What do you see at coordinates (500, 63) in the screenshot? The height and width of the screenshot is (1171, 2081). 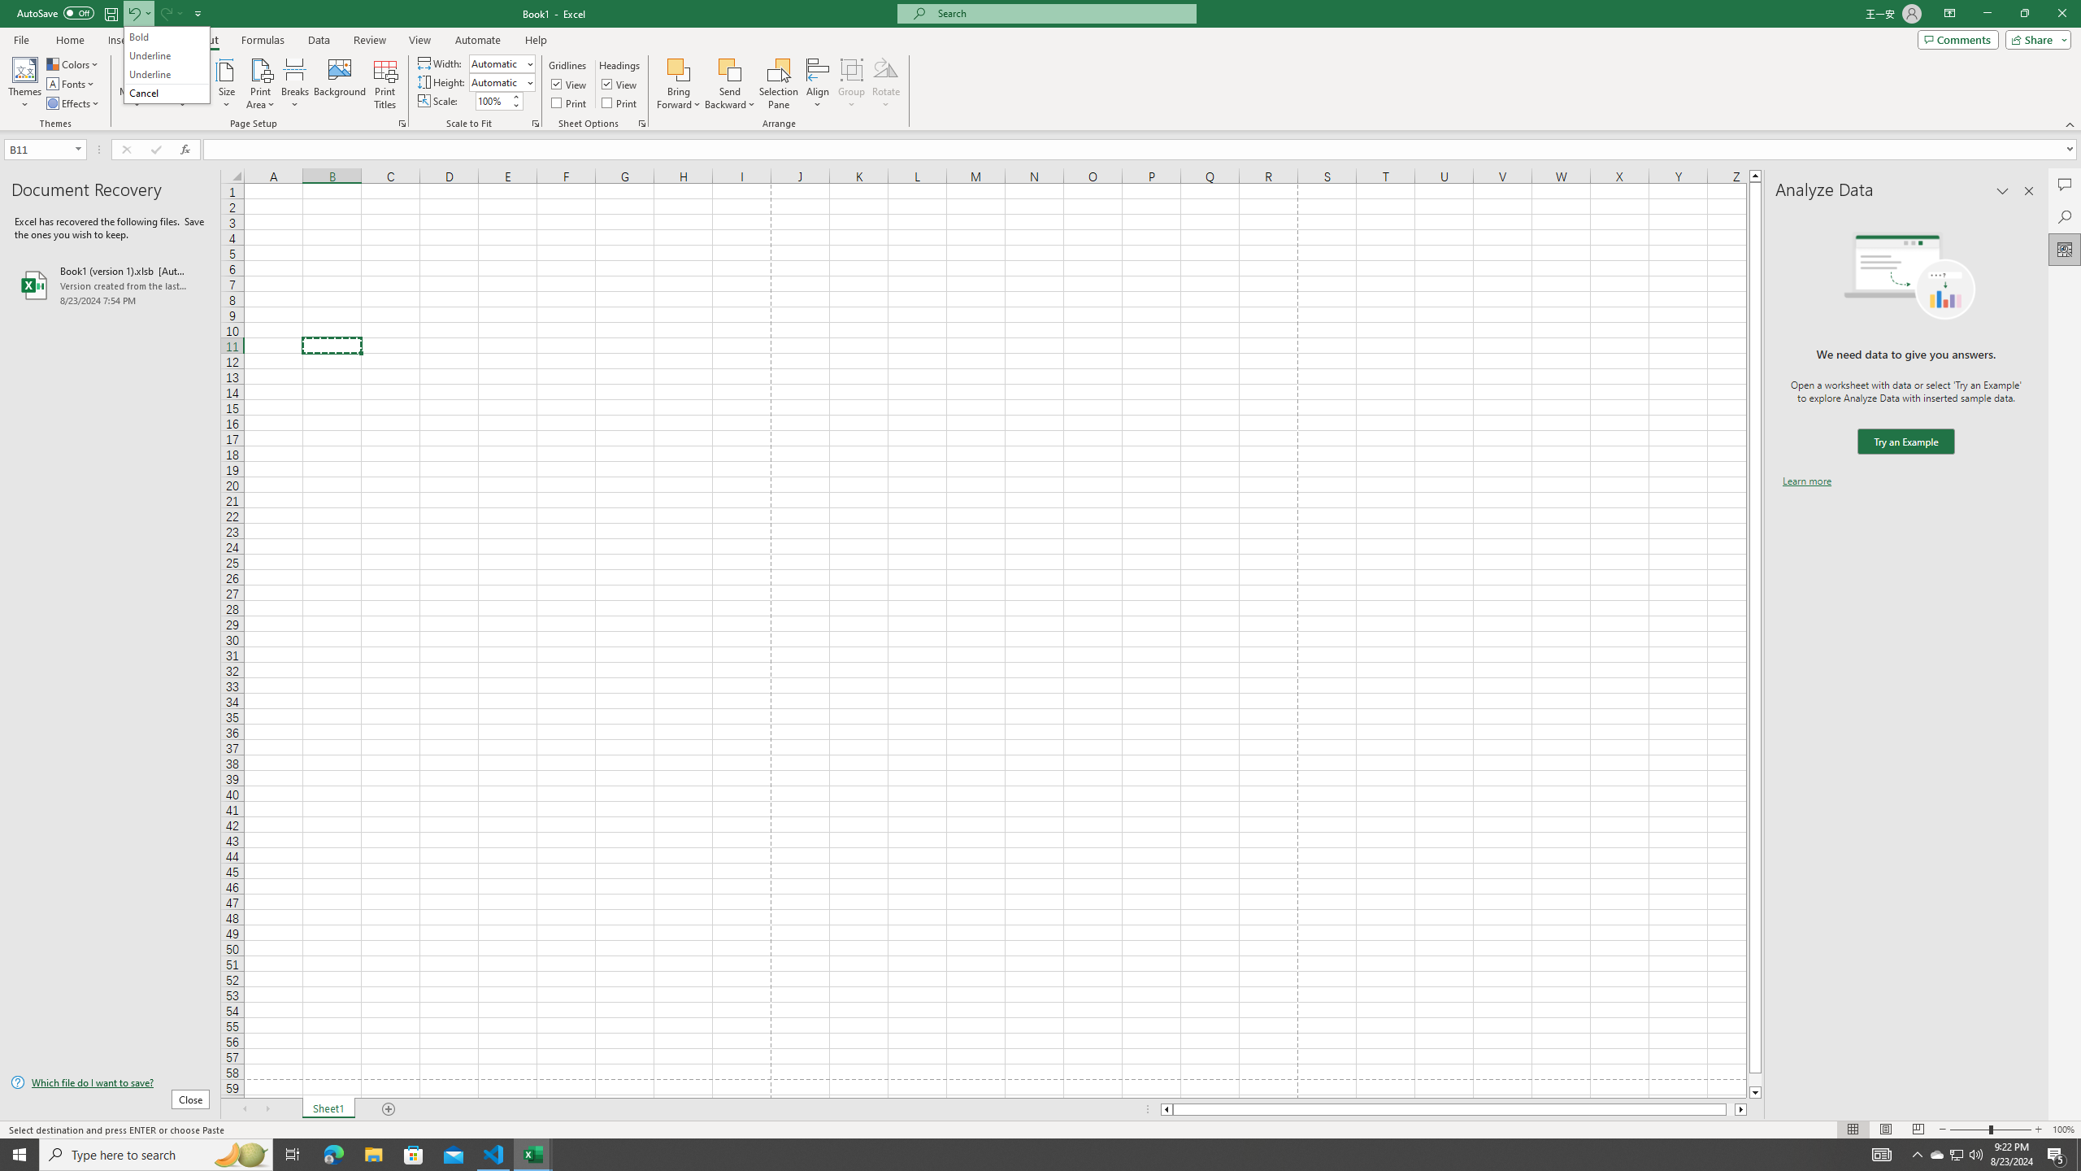 I see `'Width'` at bounding box center [500, 63].